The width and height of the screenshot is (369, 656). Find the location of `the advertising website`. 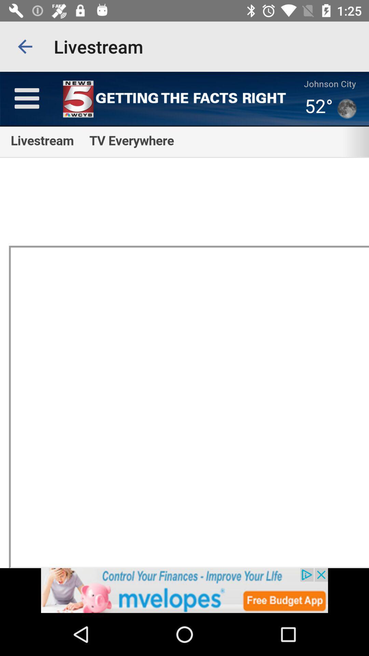

the advertising website is located at coordinates (184, 590).